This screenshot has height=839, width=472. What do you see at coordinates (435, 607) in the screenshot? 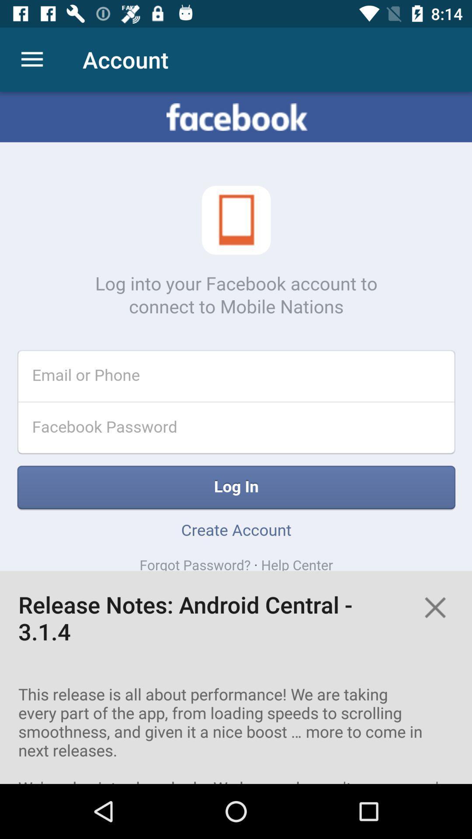
I see `notes` at bounding box center [435, 607].